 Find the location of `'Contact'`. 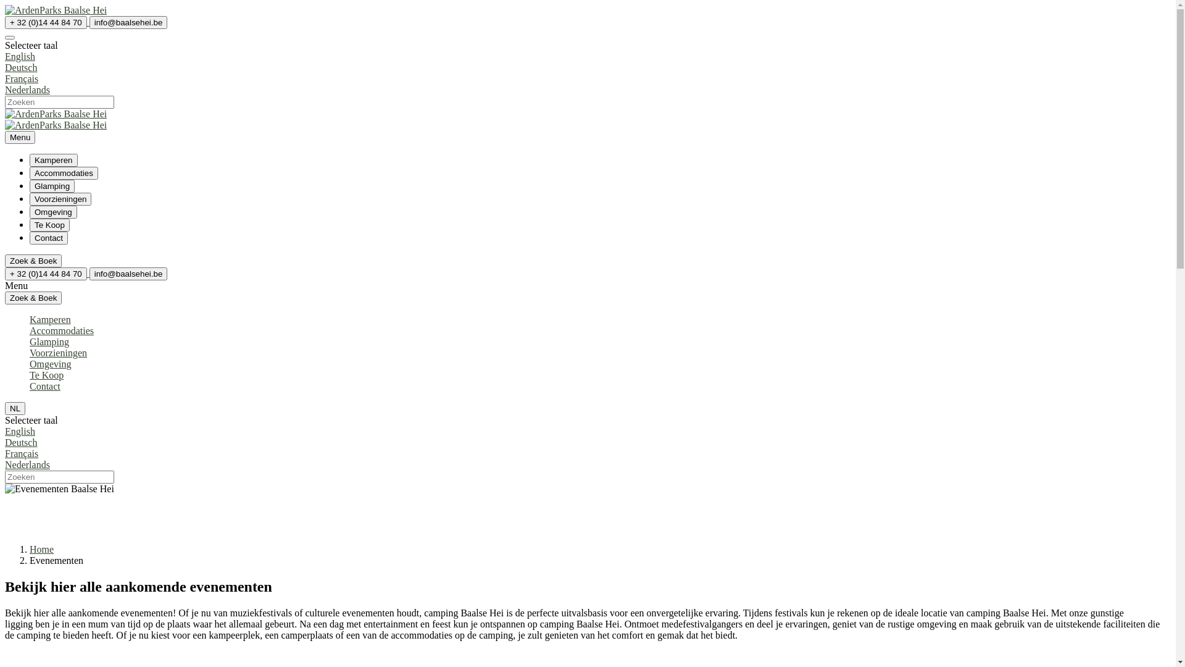

'Contact' is located at coordinates (48, 237).